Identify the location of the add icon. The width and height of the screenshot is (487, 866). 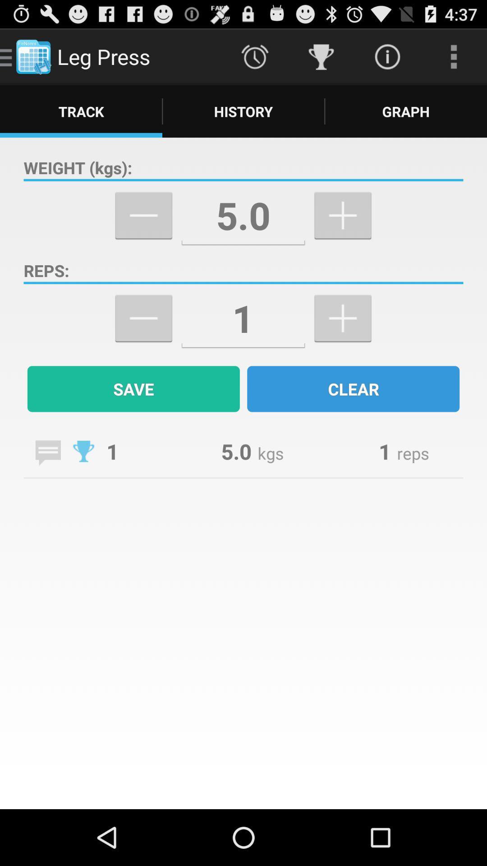
(343, 340).